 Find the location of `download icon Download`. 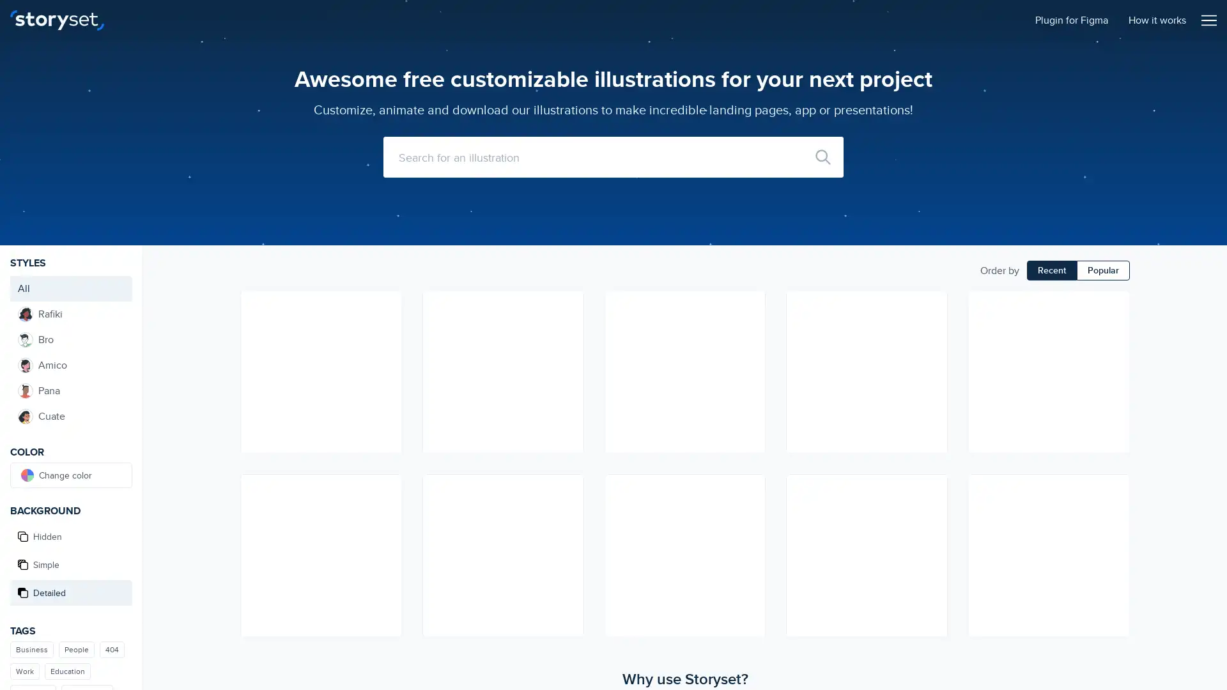

download icon Download is located at coordinates (1113, 512).